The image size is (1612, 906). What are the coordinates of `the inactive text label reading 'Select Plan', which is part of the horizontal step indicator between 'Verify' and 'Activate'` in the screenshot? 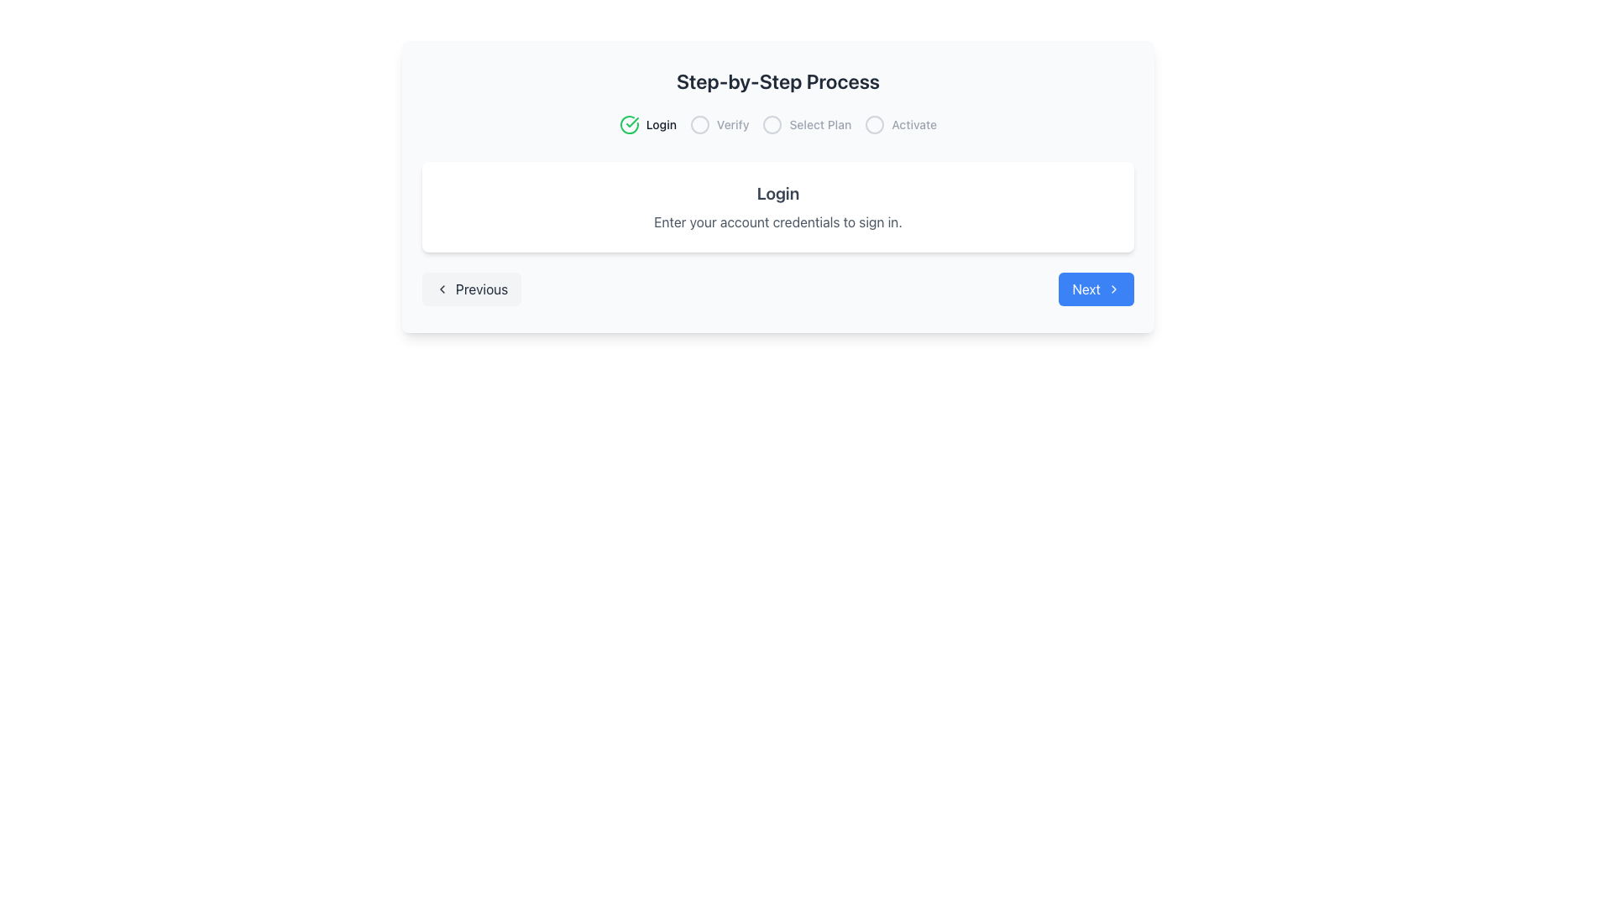 It's located at (820, 124).